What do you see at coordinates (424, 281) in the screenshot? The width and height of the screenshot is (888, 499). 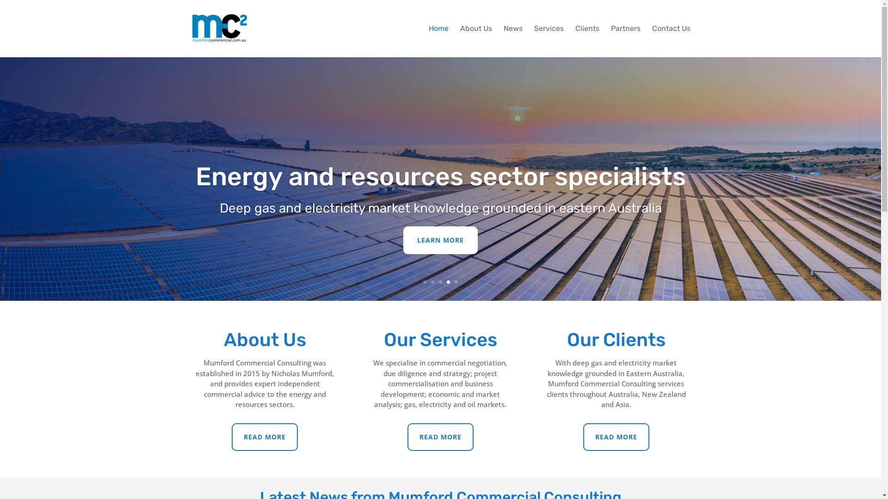 I see `'1'` at bounding box center [424, 281].